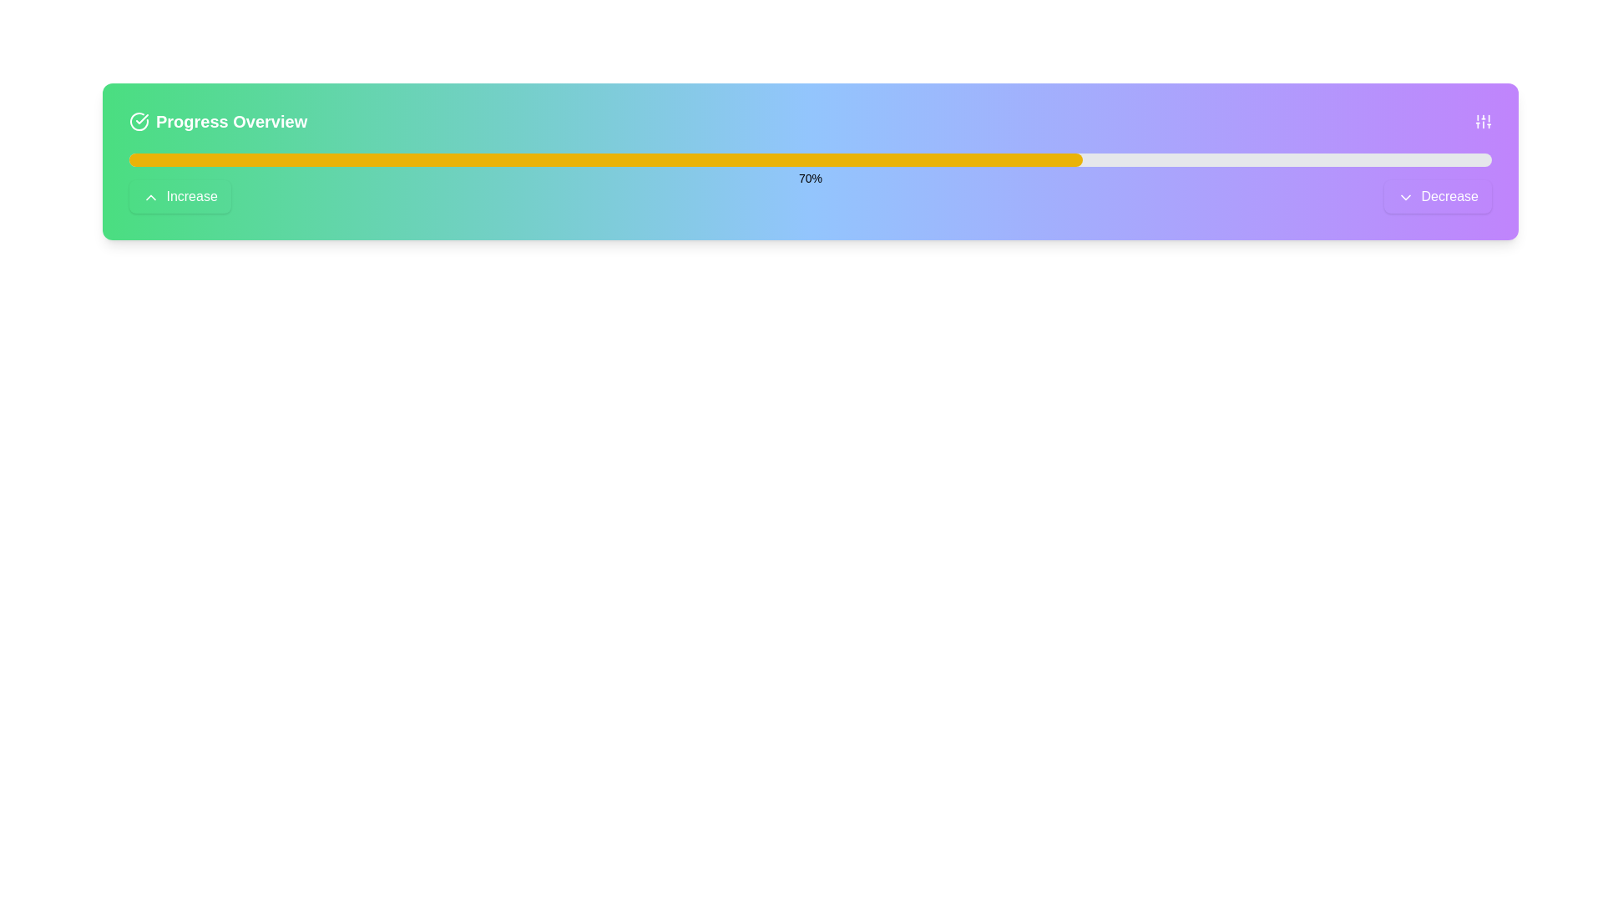  Describe the element at coordinates (217, 121) in the screenshot. I see `the Text Label with Icon that displays 'Progress Overview', styled in bold, extra-large white text on a green background, located at the top-left corner of the interface` at that location.